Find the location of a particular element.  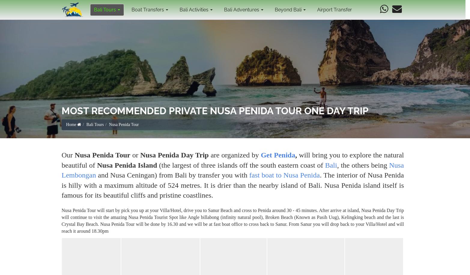

'are organized by' is located at coordinates (210, 155).